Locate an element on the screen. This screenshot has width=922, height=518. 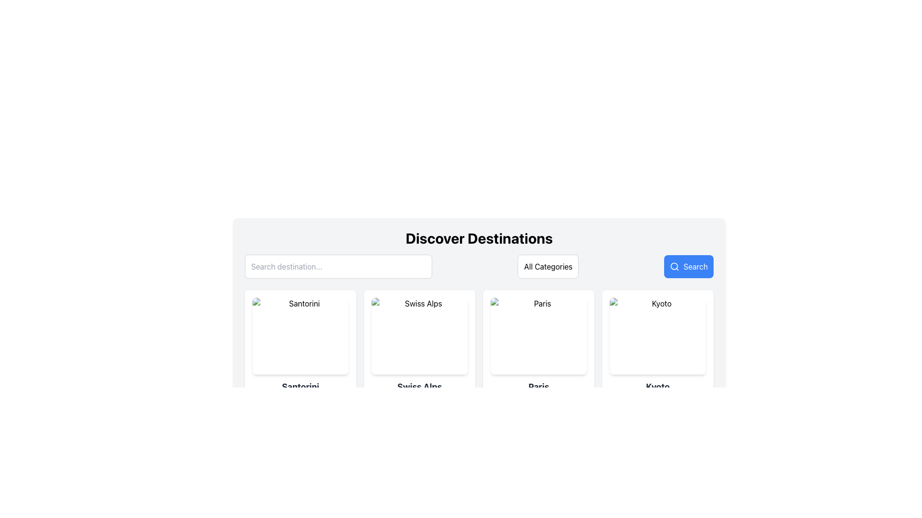
the image placeholder for 'Paris' is located at coordinates (539, 336).